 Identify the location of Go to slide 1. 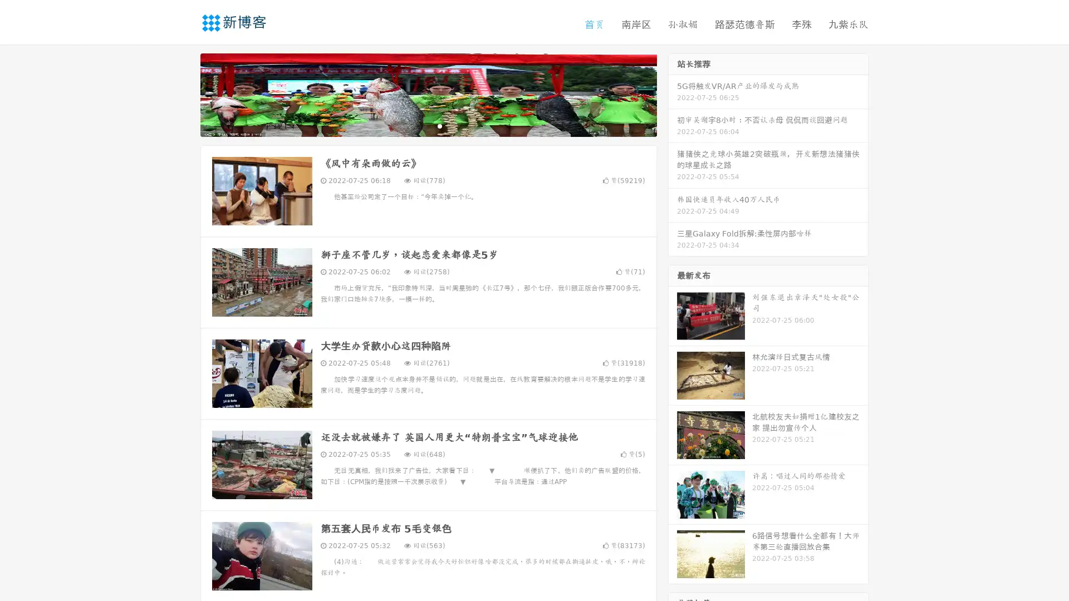
(416, 125).